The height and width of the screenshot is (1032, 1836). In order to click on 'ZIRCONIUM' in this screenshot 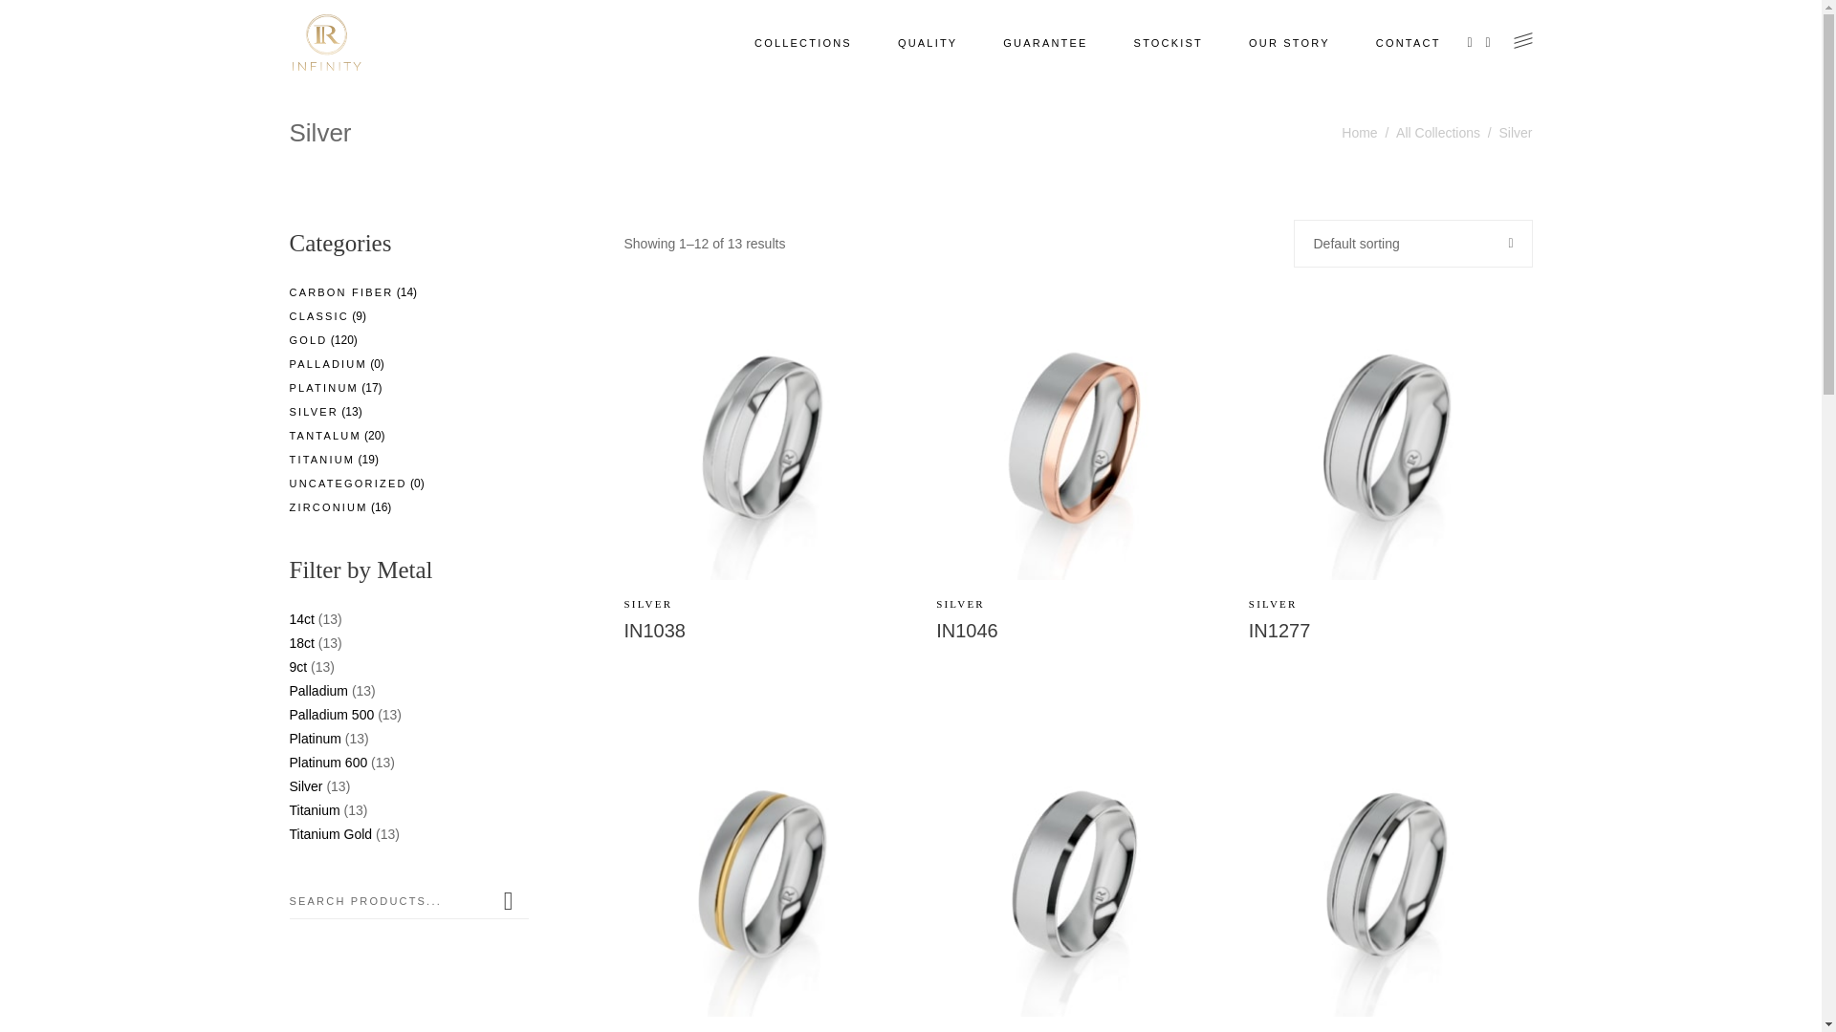, I will do `click(327, 506)`.